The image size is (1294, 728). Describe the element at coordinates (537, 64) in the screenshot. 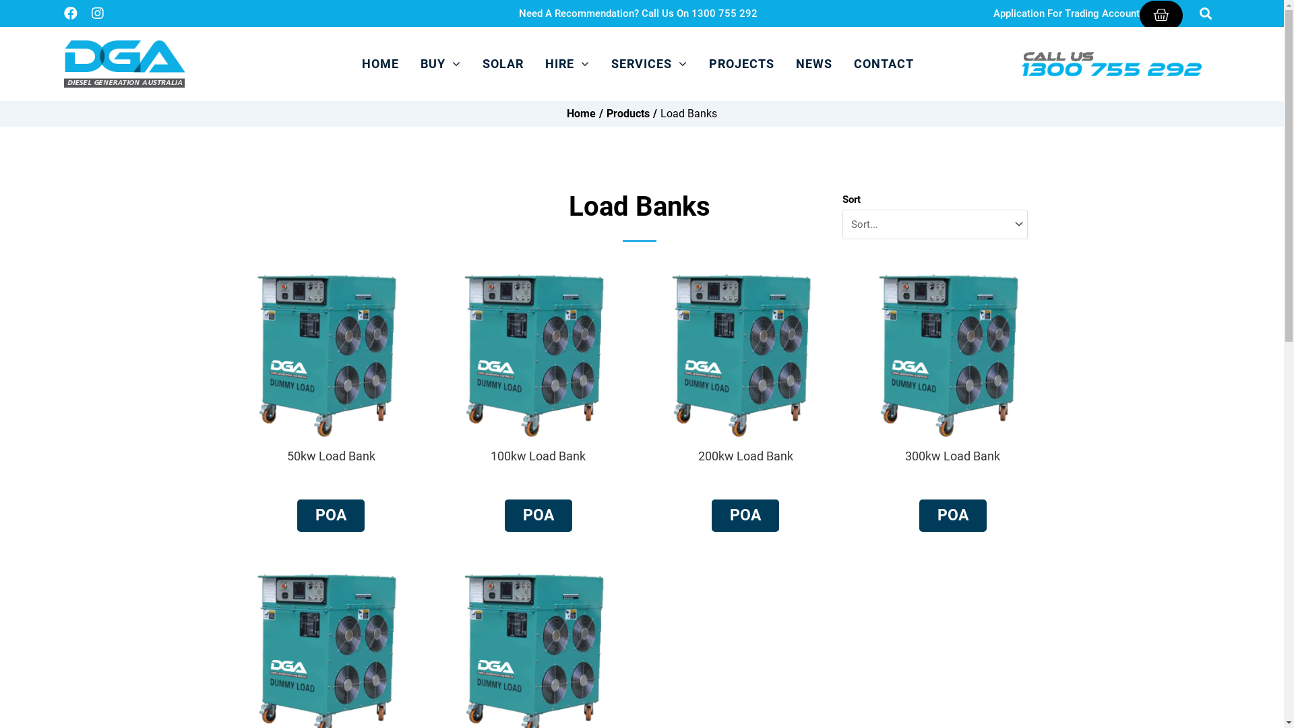

I see `'HIRE'` at that location.